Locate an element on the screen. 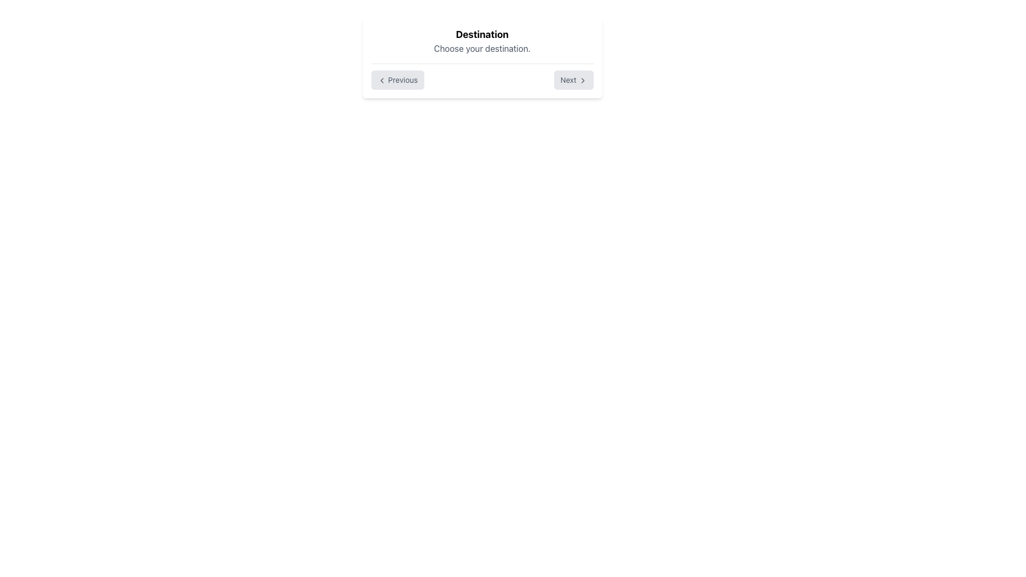 This screenshot has height=577, width=1026. the 'Next' button, which is a rectangular button with gray text on a light gray background and a right-facing arrow icon is located at coordinates (573, 80).